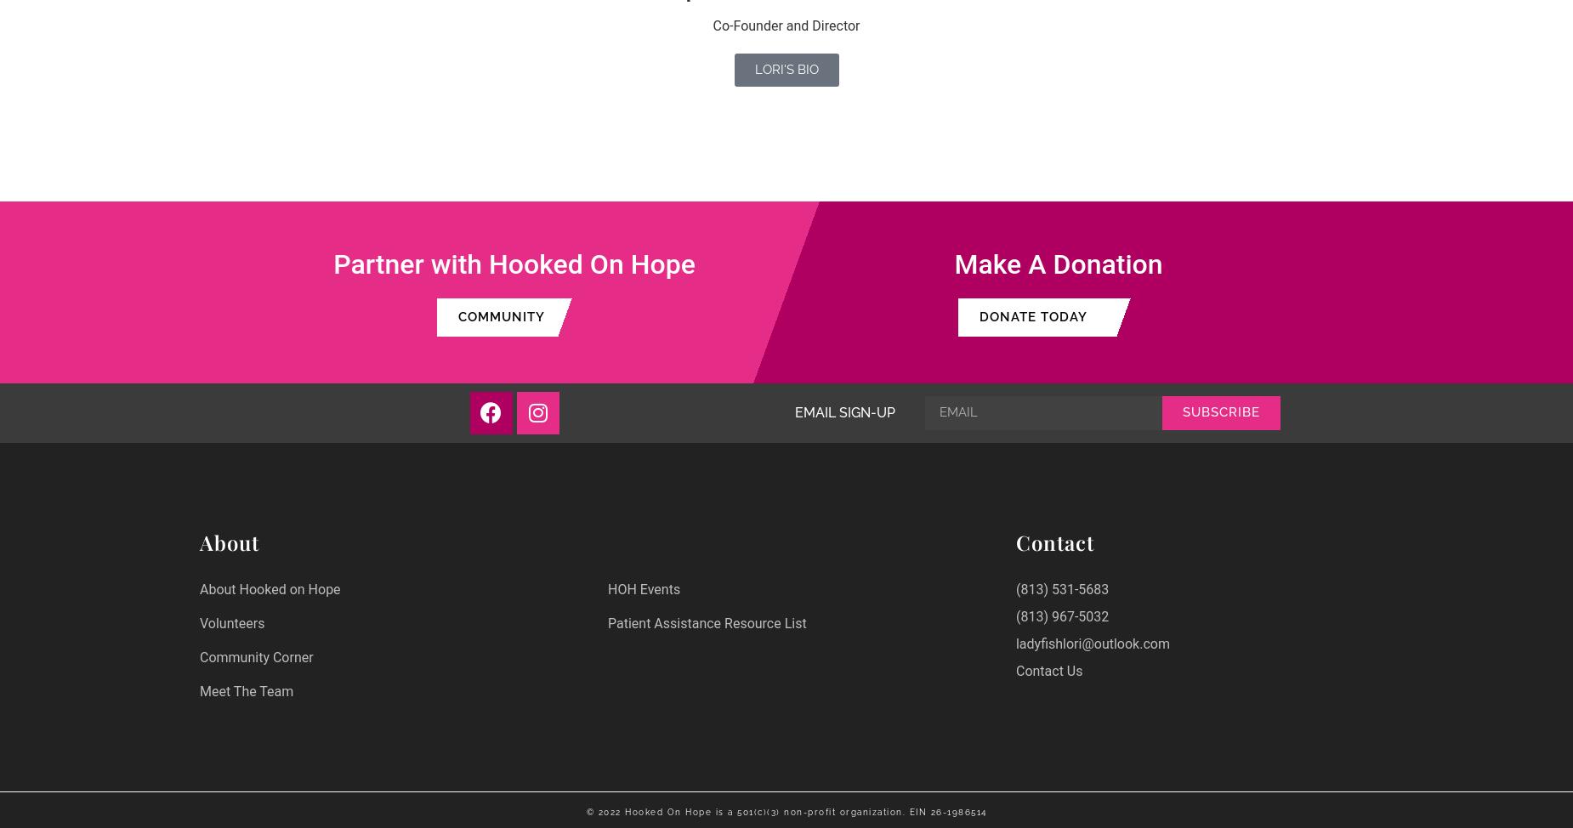 This screenshot has height=828, width=1573. Describe the element at coordinates (644, 588) in the screenshot. I see `'HOH Events'` at that location.